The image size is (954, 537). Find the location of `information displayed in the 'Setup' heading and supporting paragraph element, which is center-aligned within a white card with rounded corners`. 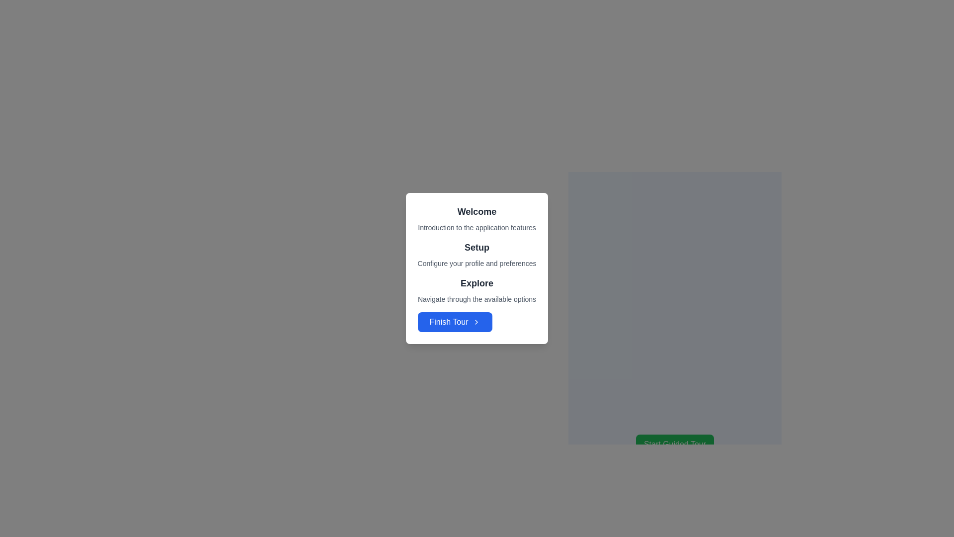

information displayed in the 'Setup' heading and supporting paragraph element, which is center-aligned within a white card with rounded corners is located at coordinates (477, 254).